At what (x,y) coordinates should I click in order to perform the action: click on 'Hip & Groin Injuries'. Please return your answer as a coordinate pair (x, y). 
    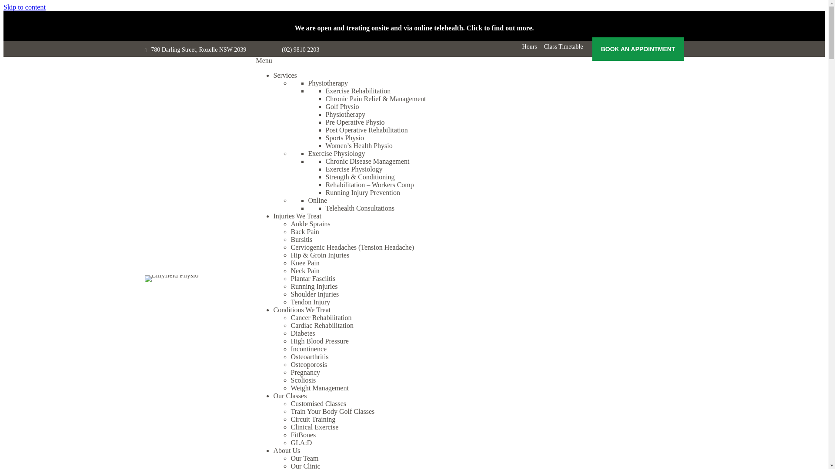
    Looking at the image, I should click on (319, 254).